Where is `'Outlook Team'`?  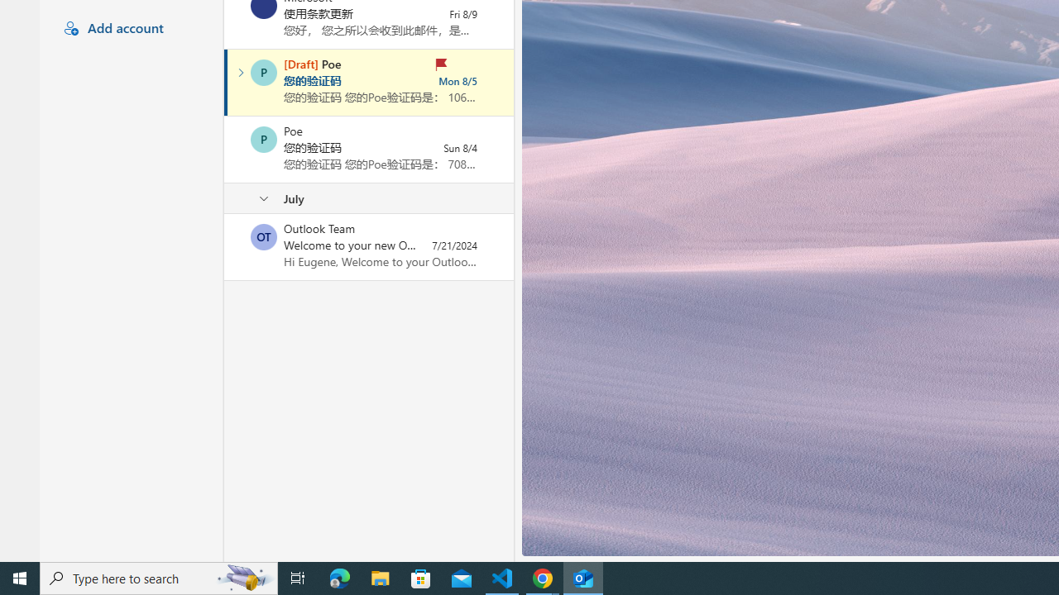 'Outlook Team' is located at coordinates (263, 236).